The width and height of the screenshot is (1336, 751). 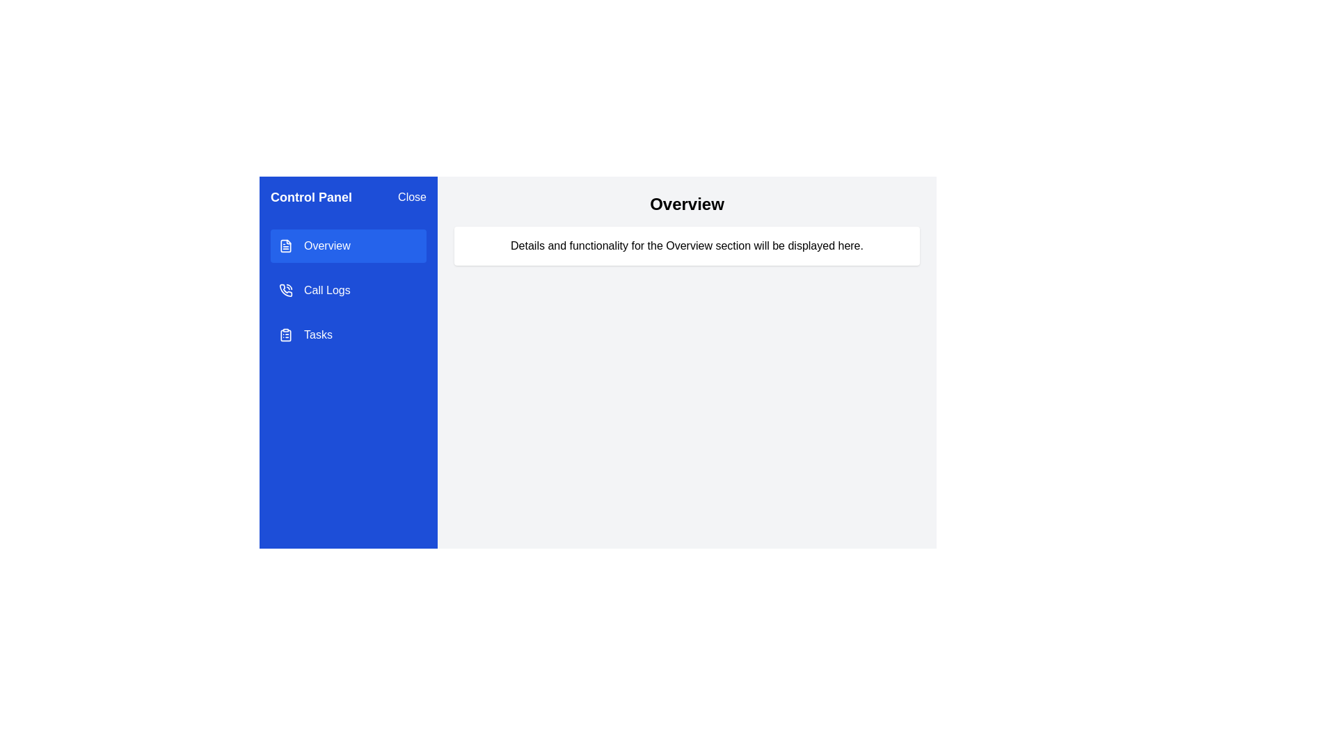 What do you see at coordinates (348, 289) in the screenshot?
I see `the menu item Call Logs from the sidebar` at bounding box center [348, 289].